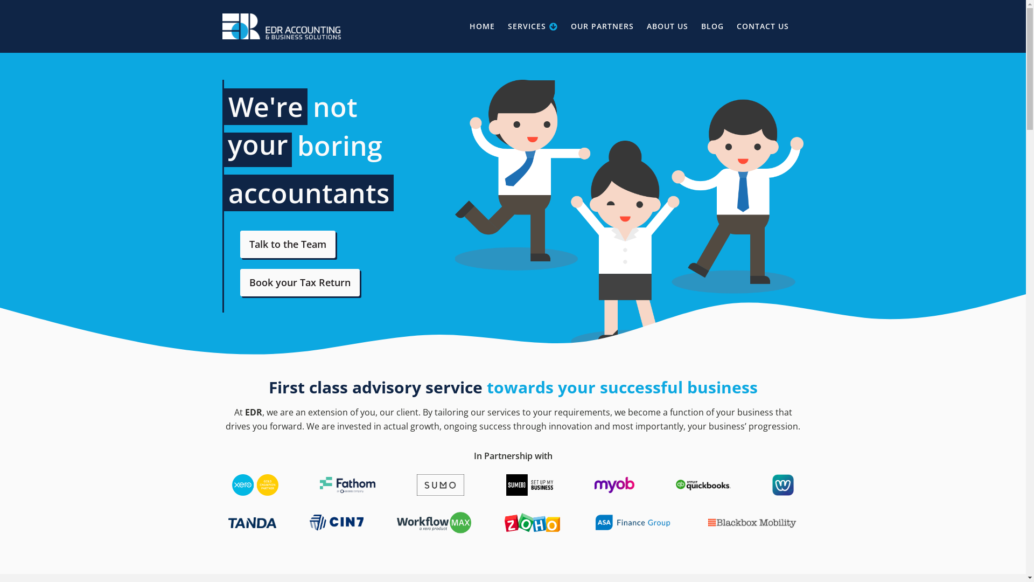 The height and width of the screenshot is (582, 1034). What do you see at coordinates (481, 26) in the screenshot?
I see `'HOME'` at bounding box center [481, 26].